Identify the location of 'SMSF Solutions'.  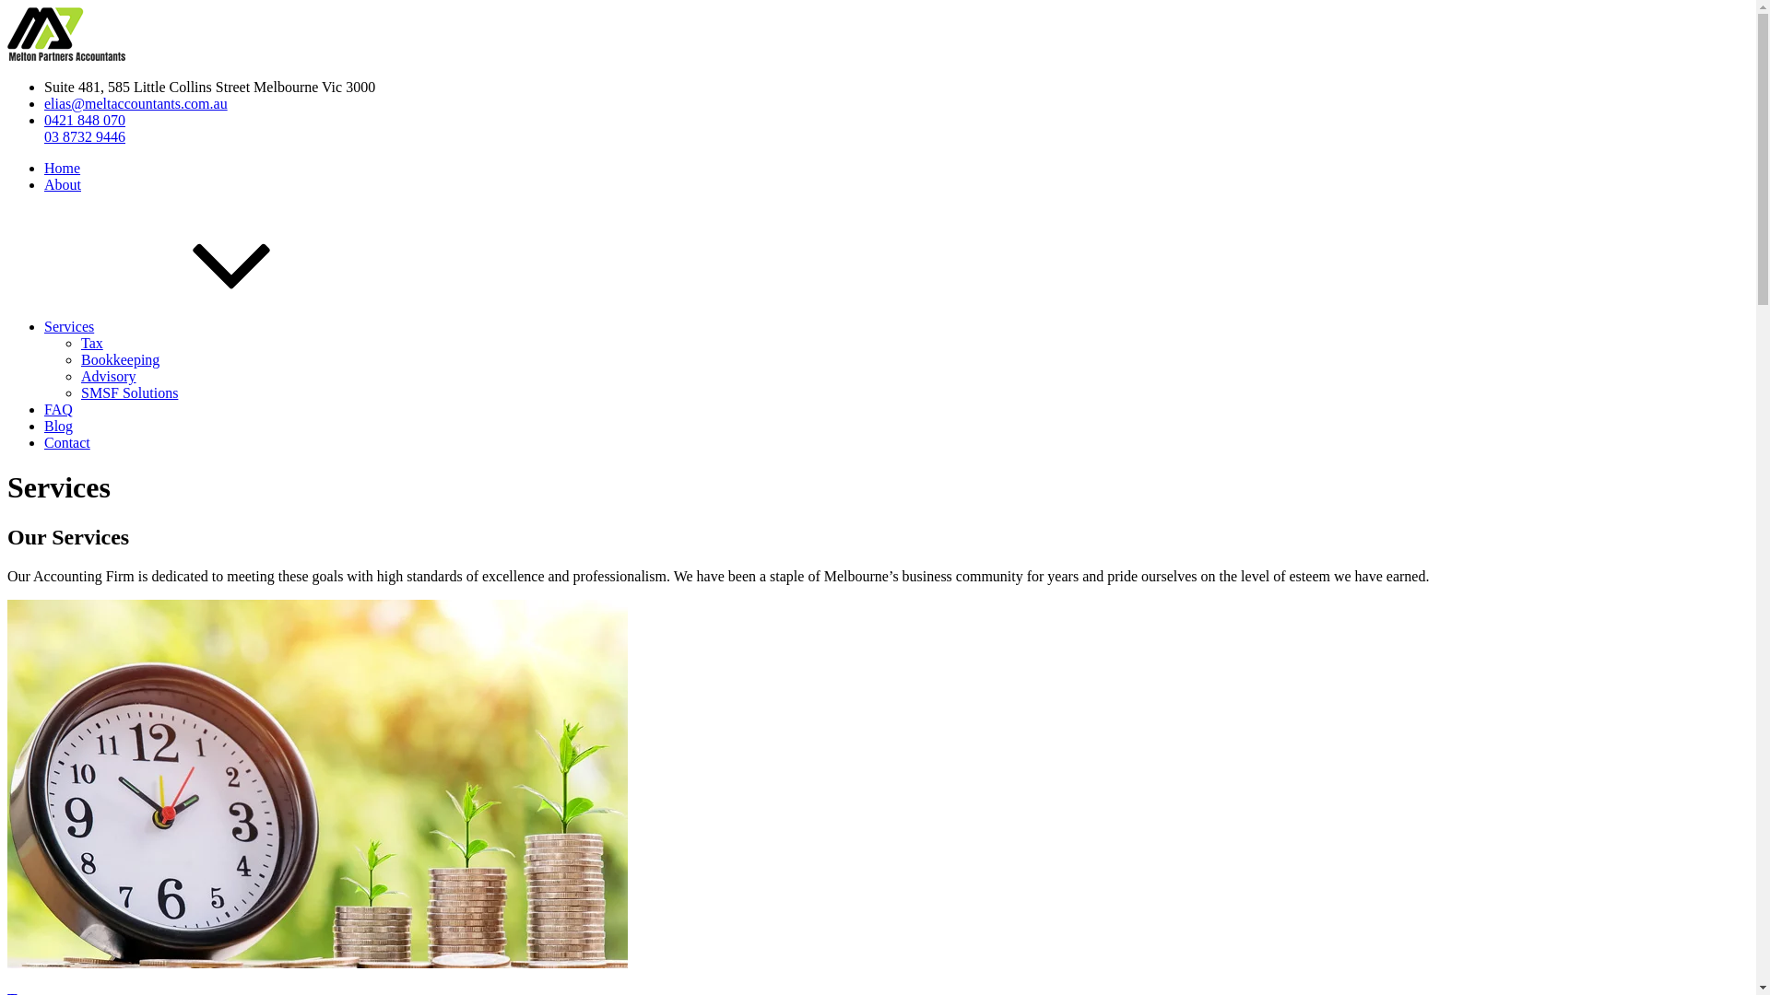
(128, 392).